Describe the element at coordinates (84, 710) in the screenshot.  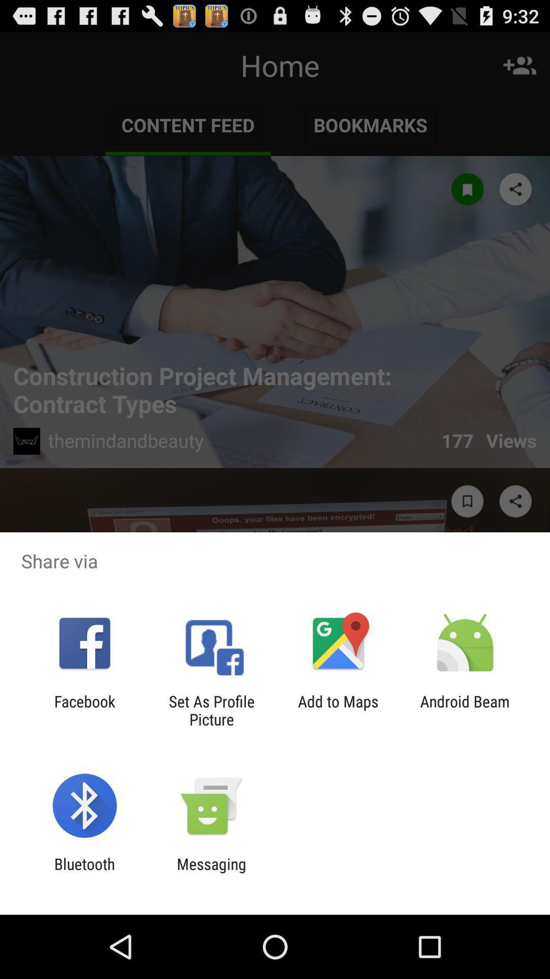
I see `app to the left of set as profile app` at that location.